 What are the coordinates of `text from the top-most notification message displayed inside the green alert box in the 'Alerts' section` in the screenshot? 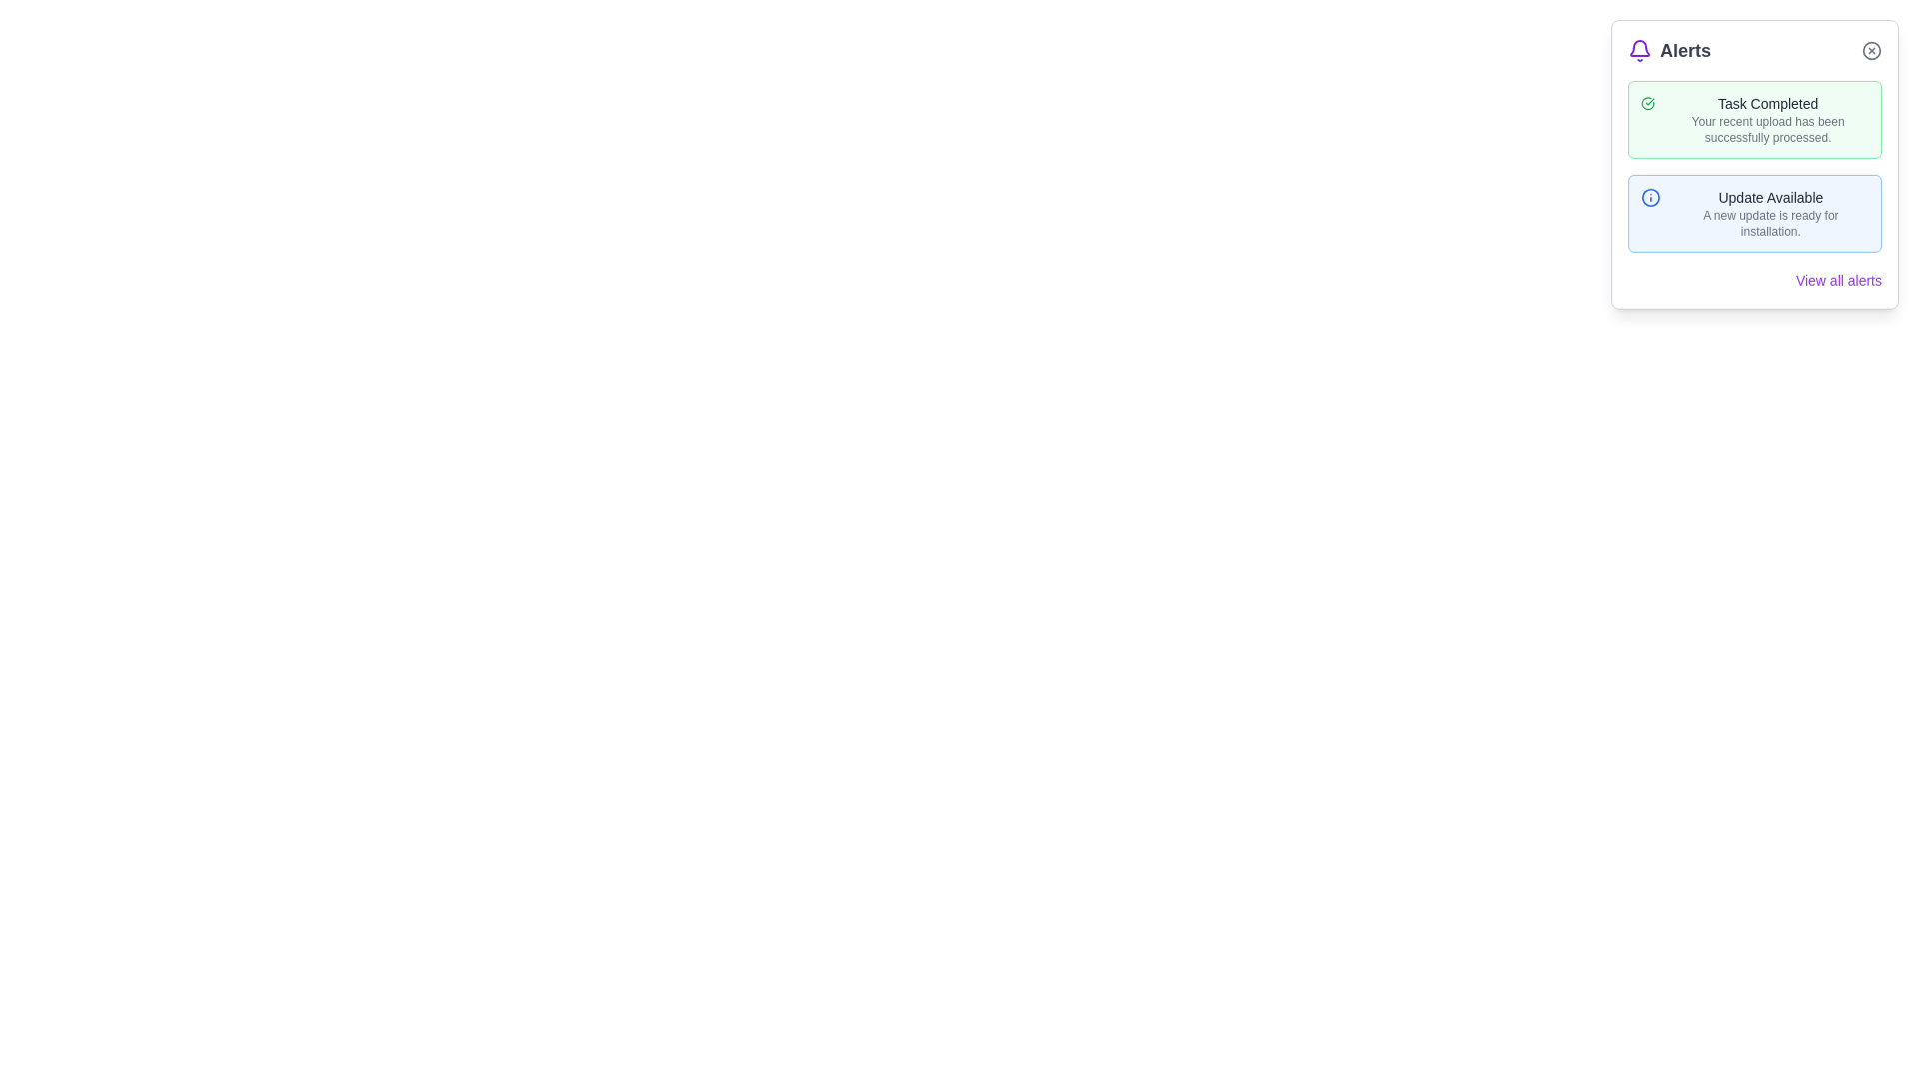 It's located at (1768, 119).